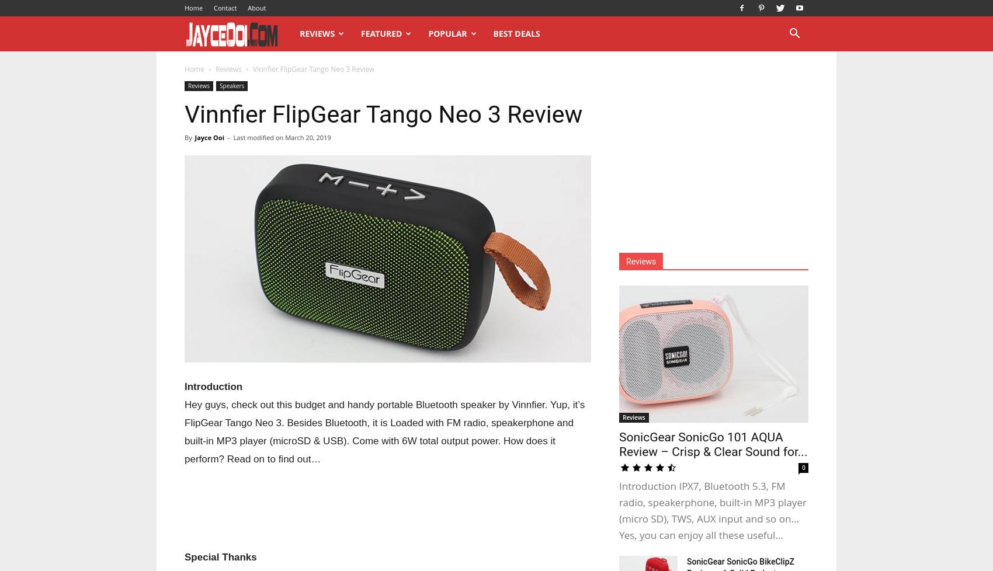 The image size is (993, 571). What do you see at coordinates (712, 444) in the screenshot?
I see `'SonicGear SonicGo 101 AQUA Review – Crisp & Clear Sound for...'` at bounding box center [712, 444].